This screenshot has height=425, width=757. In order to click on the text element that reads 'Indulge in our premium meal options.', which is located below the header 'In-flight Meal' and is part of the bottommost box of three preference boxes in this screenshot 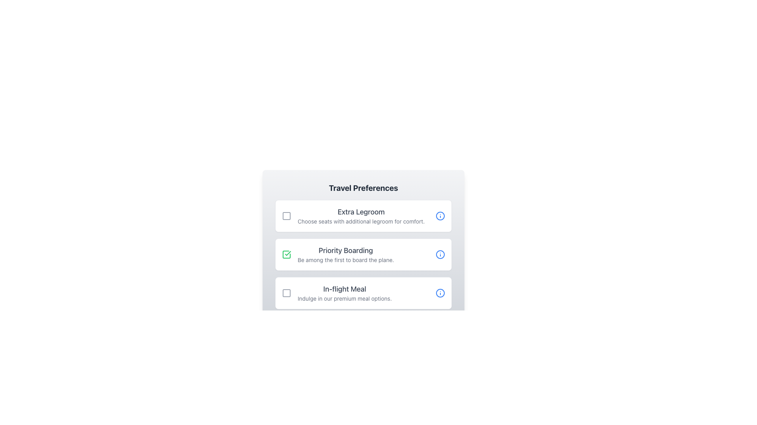, I will do `click(345, 299)`.